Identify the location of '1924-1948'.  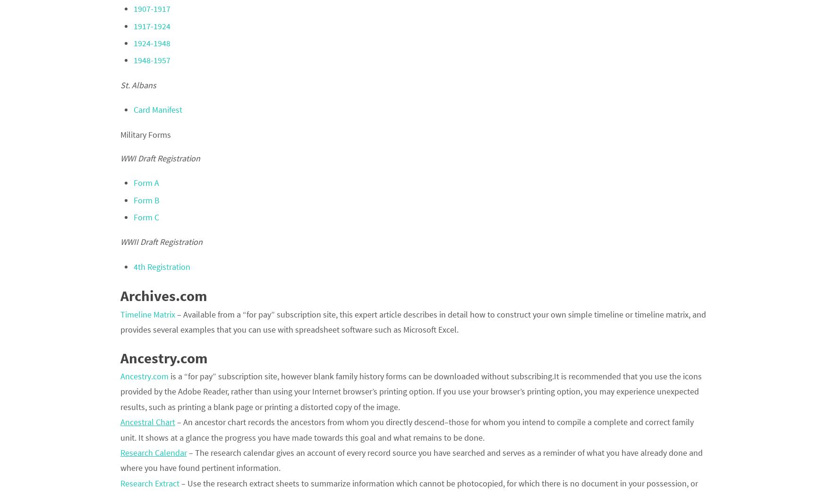
(151, 42).